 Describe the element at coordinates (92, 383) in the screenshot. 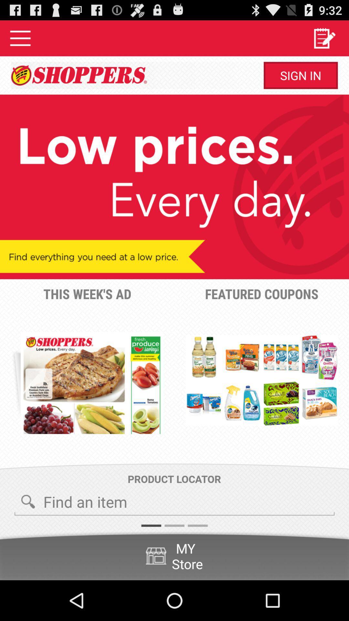

I see `the item next to the featured coupons` at that location.